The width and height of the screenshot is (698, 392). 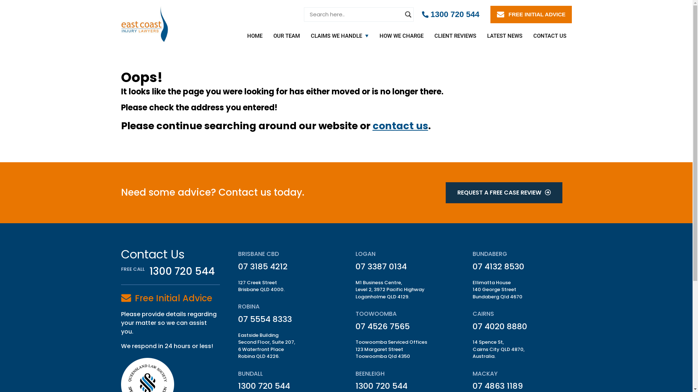 I want to click on '07 4526 7565', so click(x=356, y=326).